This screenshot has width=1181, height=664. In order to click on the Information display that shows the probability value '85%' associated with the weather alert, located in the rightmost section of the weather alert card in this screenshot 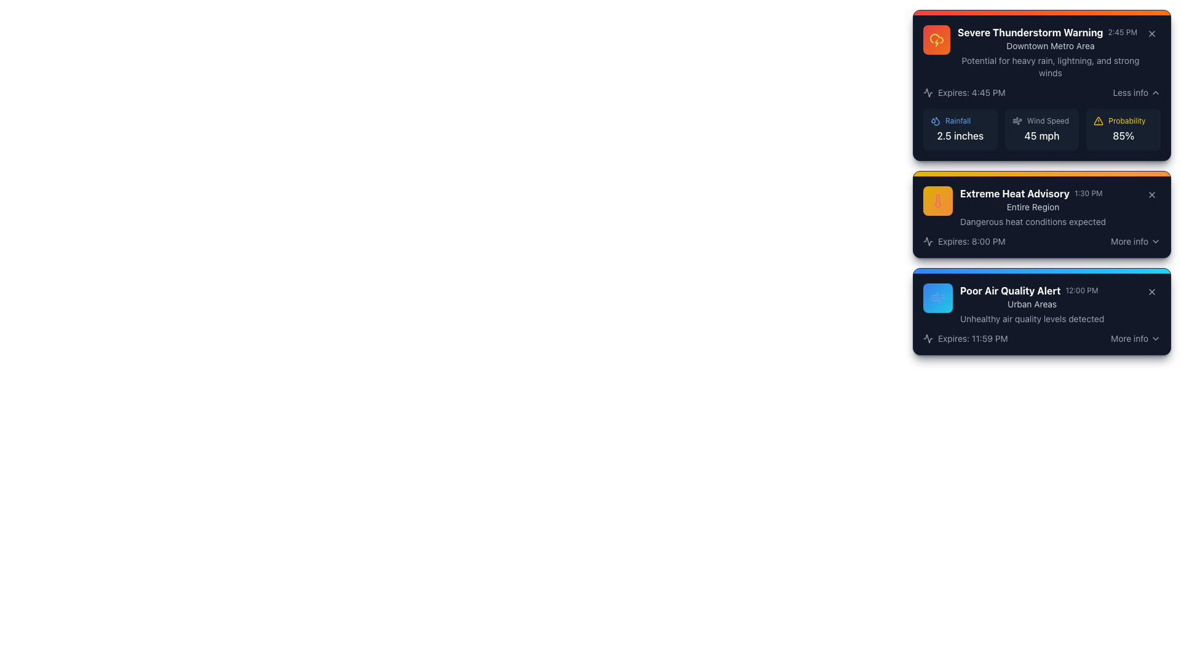, I will do `click(1123, 130)`.